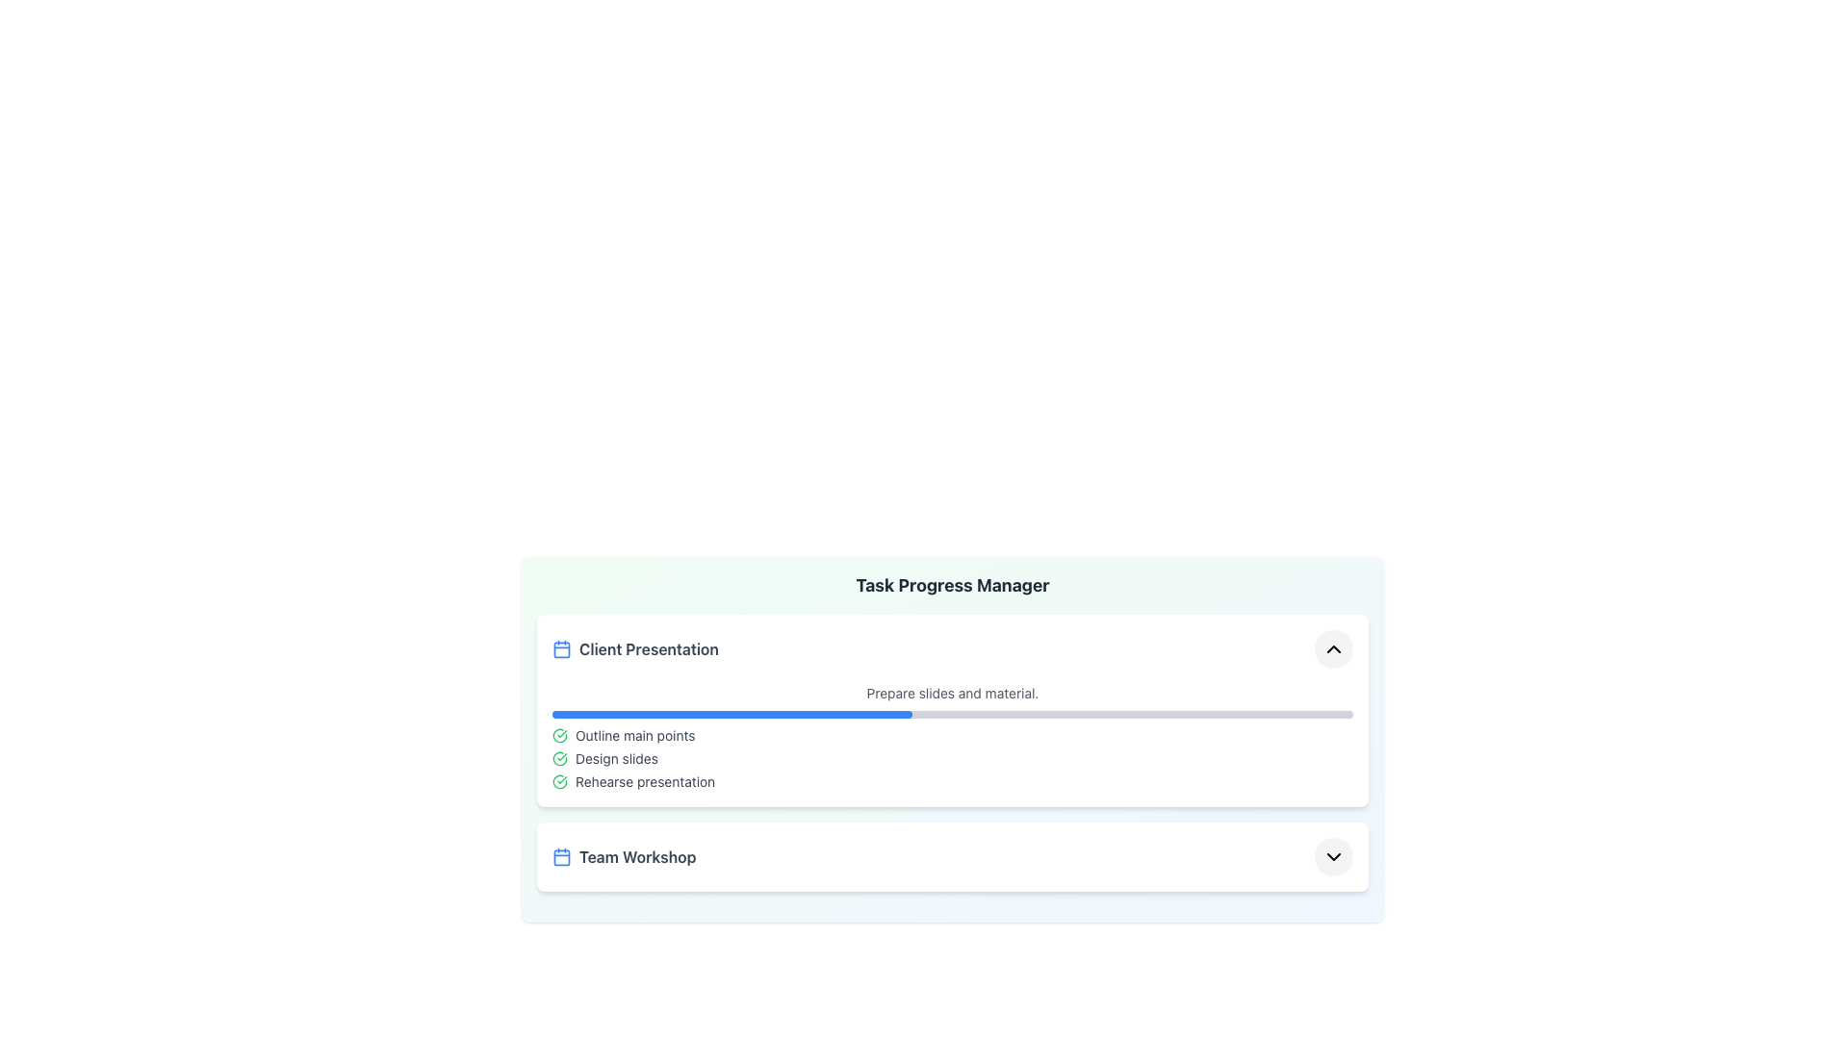  What do you see at coordinates (637, 856) in the screenshot?
I see `the 'Team Workshop' text label located in the bottom card below the 'Client Presentation' section, next to the calendar icon` at bounding box center [637, 856].